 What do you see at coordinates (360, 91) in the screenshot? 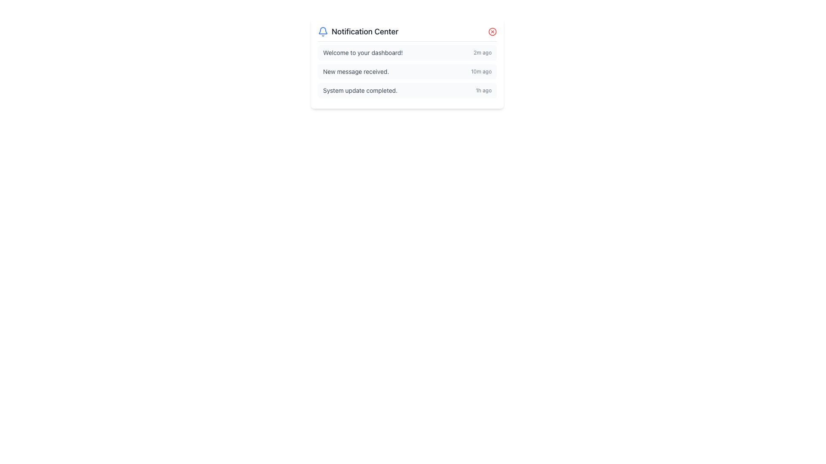
I see `the text label that indicates the completion of a system update, which is located in the third notification box under the 'Notification Center'` at bounding box center [360, 91].